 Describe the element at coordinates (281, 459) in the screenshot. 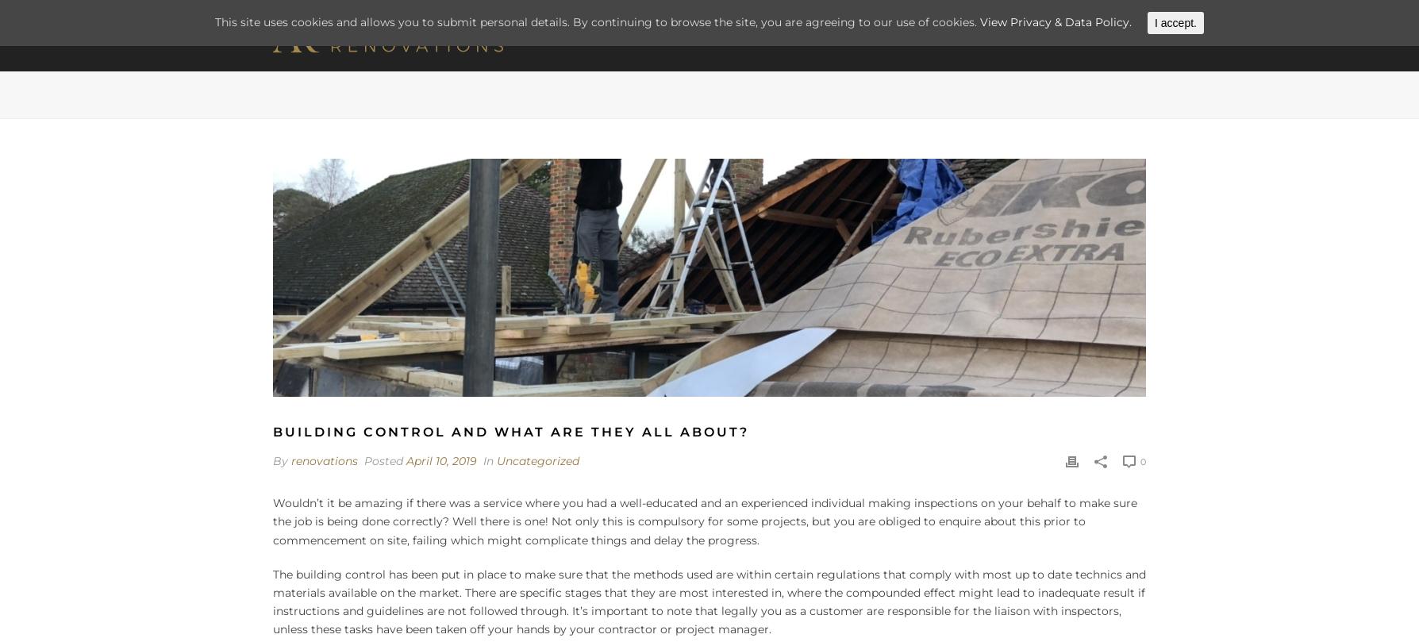

I see `'By'` at that location.